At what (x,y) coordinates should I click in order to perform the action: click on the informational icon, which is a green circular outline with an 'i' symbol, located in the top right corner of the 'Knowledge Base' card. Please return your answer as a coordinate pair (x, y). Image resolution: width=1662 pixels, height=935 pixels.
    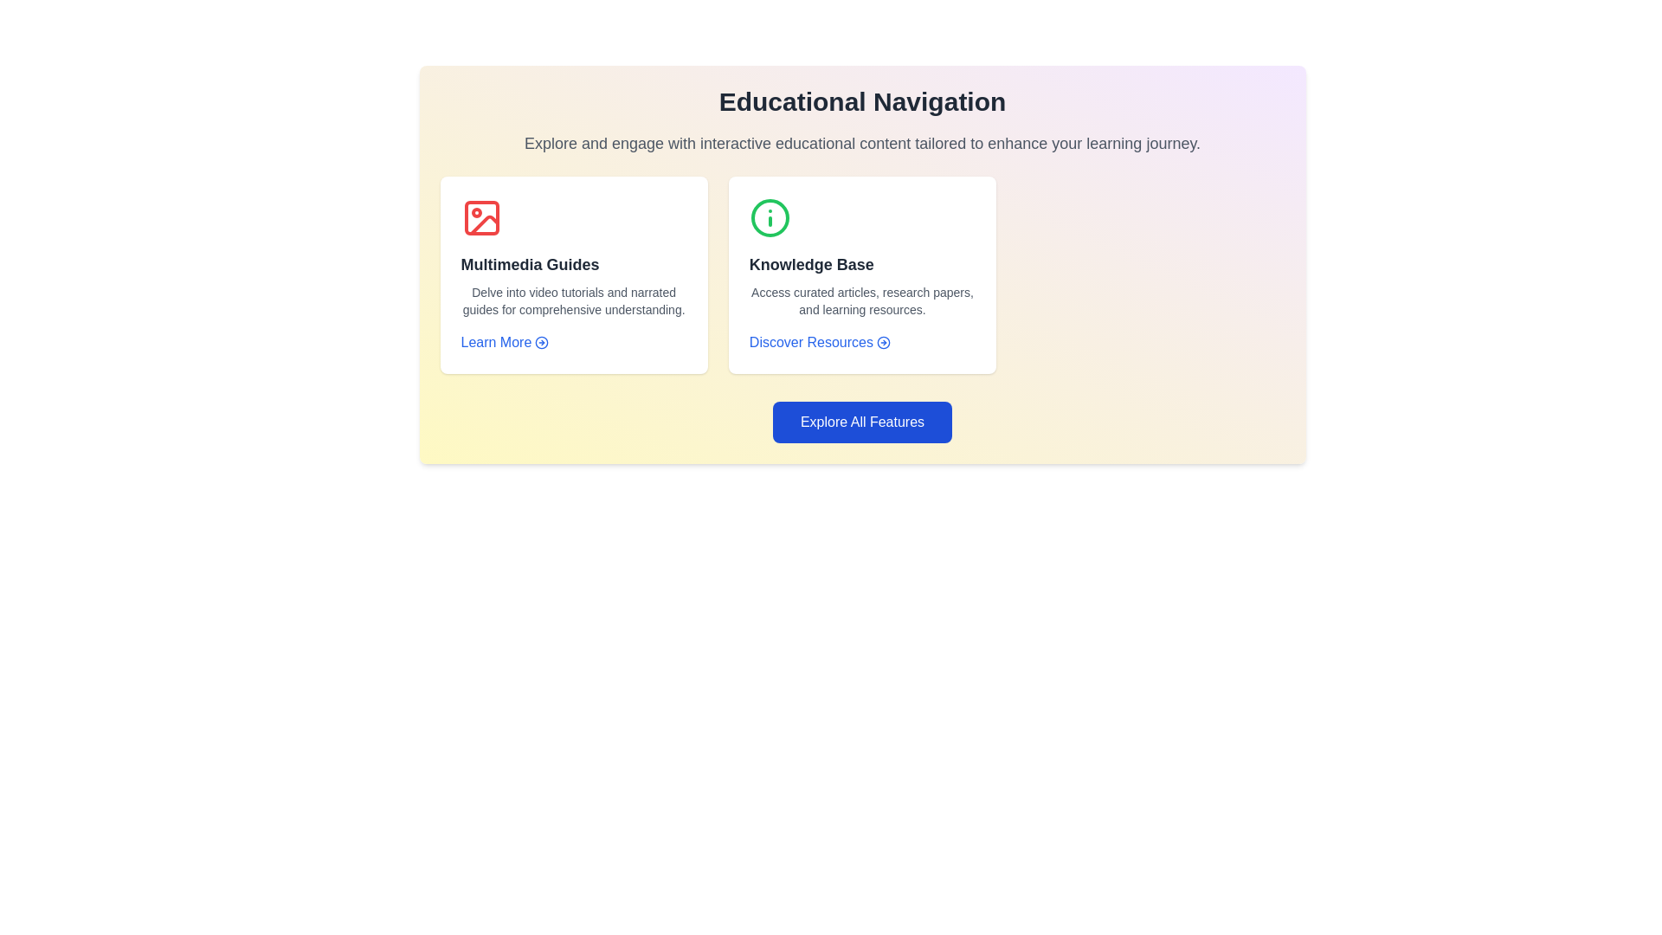
    Looking at the image, I should click on (769, 216).